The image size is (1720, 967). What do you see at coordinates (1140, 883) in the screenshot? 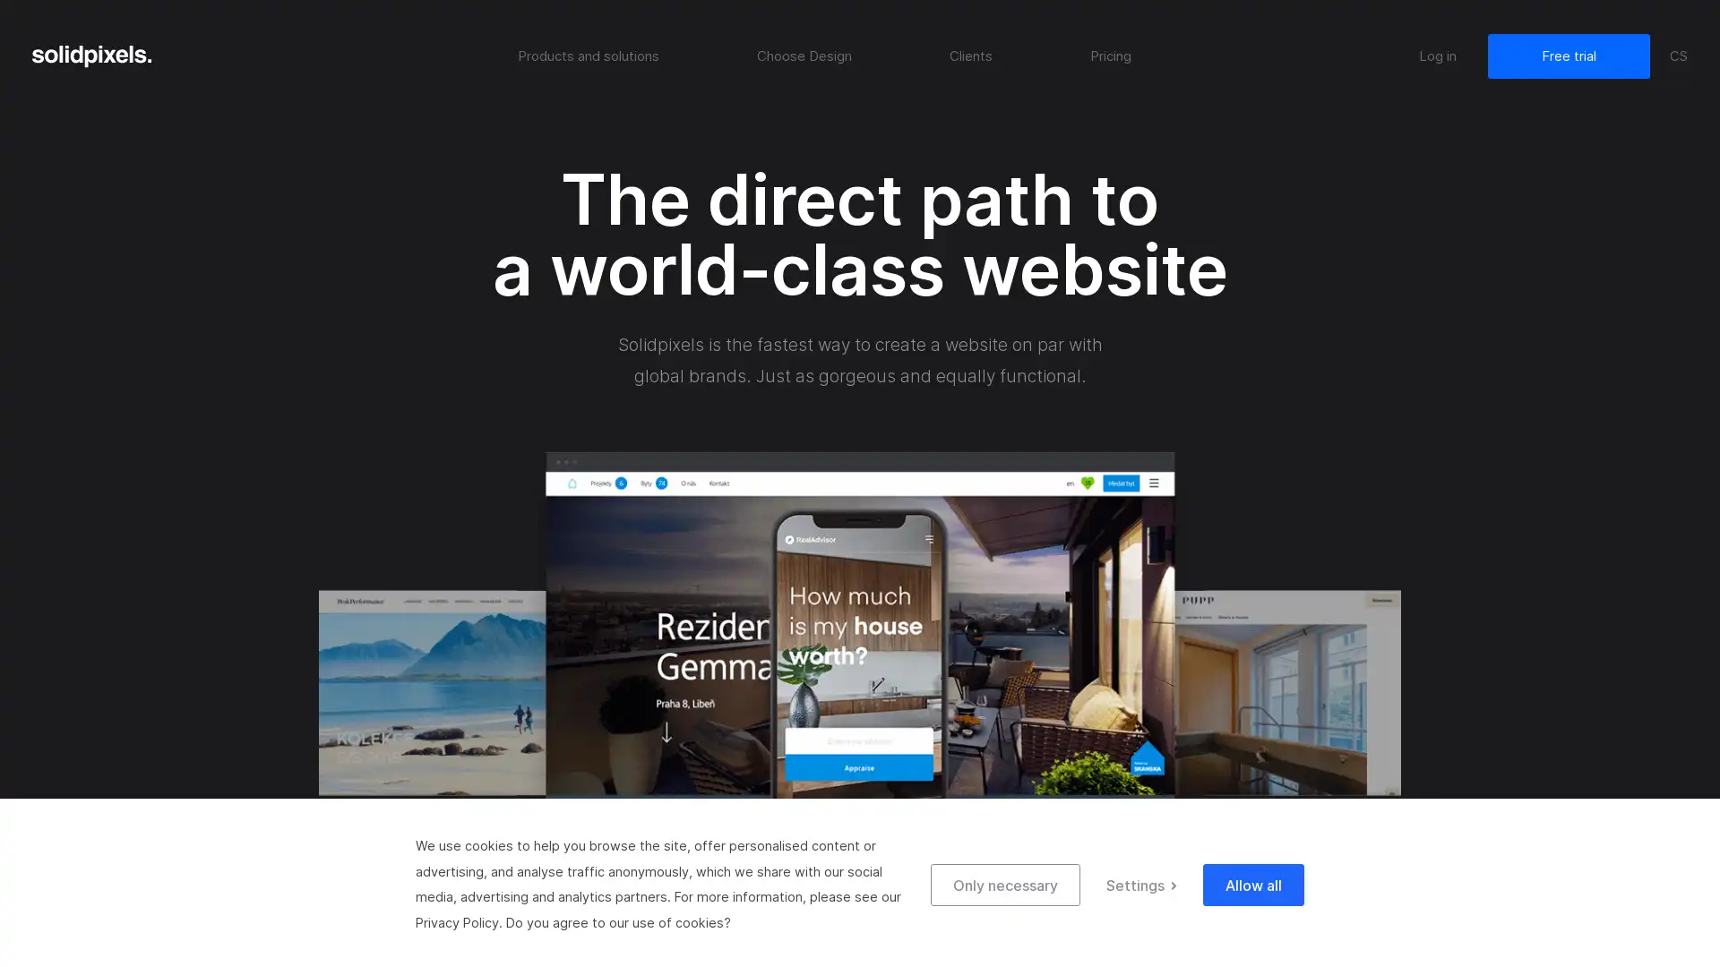
I see `Settings` at bounding box center [1140, 883].